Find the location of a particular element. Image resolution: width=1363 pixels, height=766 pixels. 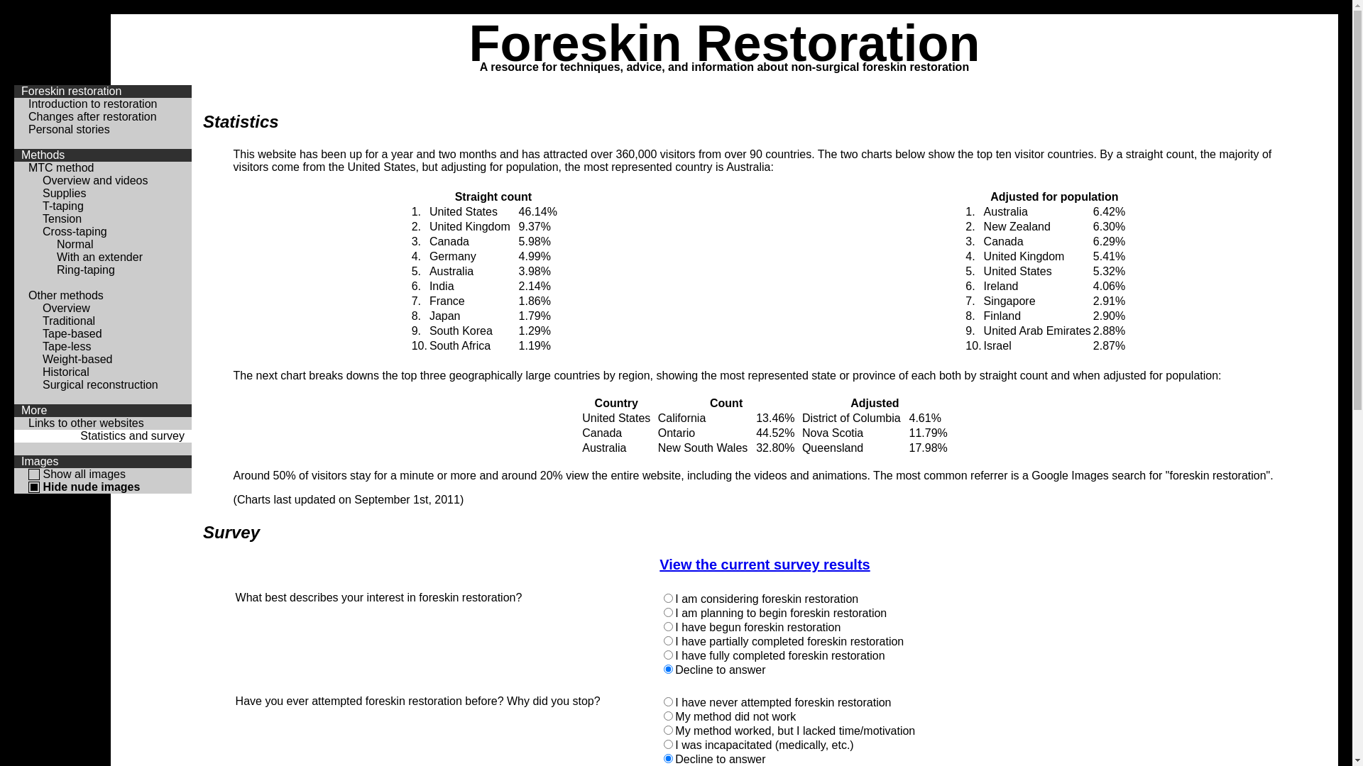

'Other methods' is located at coordinates (28, 294).